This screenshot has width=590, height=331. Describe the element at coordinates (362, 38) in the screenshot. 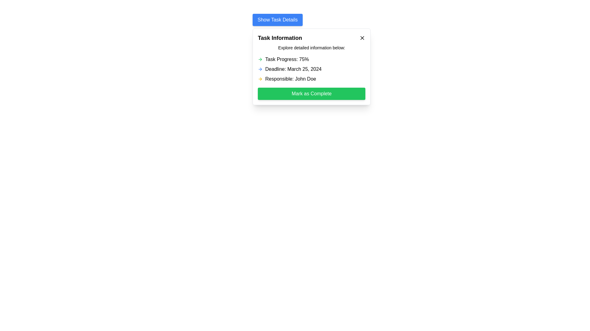

I see `the close ('X') button located in the top-right corner of the modal header, adjacent to the 'Task Information' title, to observe any hover effects` at that location.